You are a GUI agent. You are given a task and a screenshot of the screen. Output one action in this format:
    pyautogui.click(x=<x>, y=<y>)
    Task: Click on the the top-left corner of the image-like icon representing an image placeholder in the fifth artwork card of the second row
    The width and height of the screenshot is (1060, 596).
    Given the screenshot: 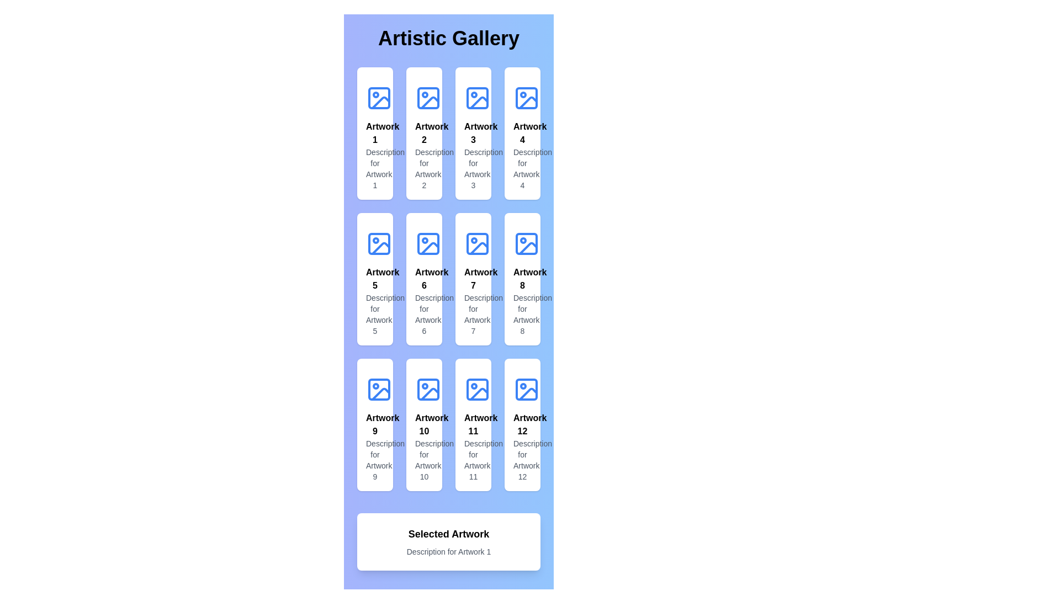 What is the action you would take?
    pyautogui.click(x=379, y=243)
    